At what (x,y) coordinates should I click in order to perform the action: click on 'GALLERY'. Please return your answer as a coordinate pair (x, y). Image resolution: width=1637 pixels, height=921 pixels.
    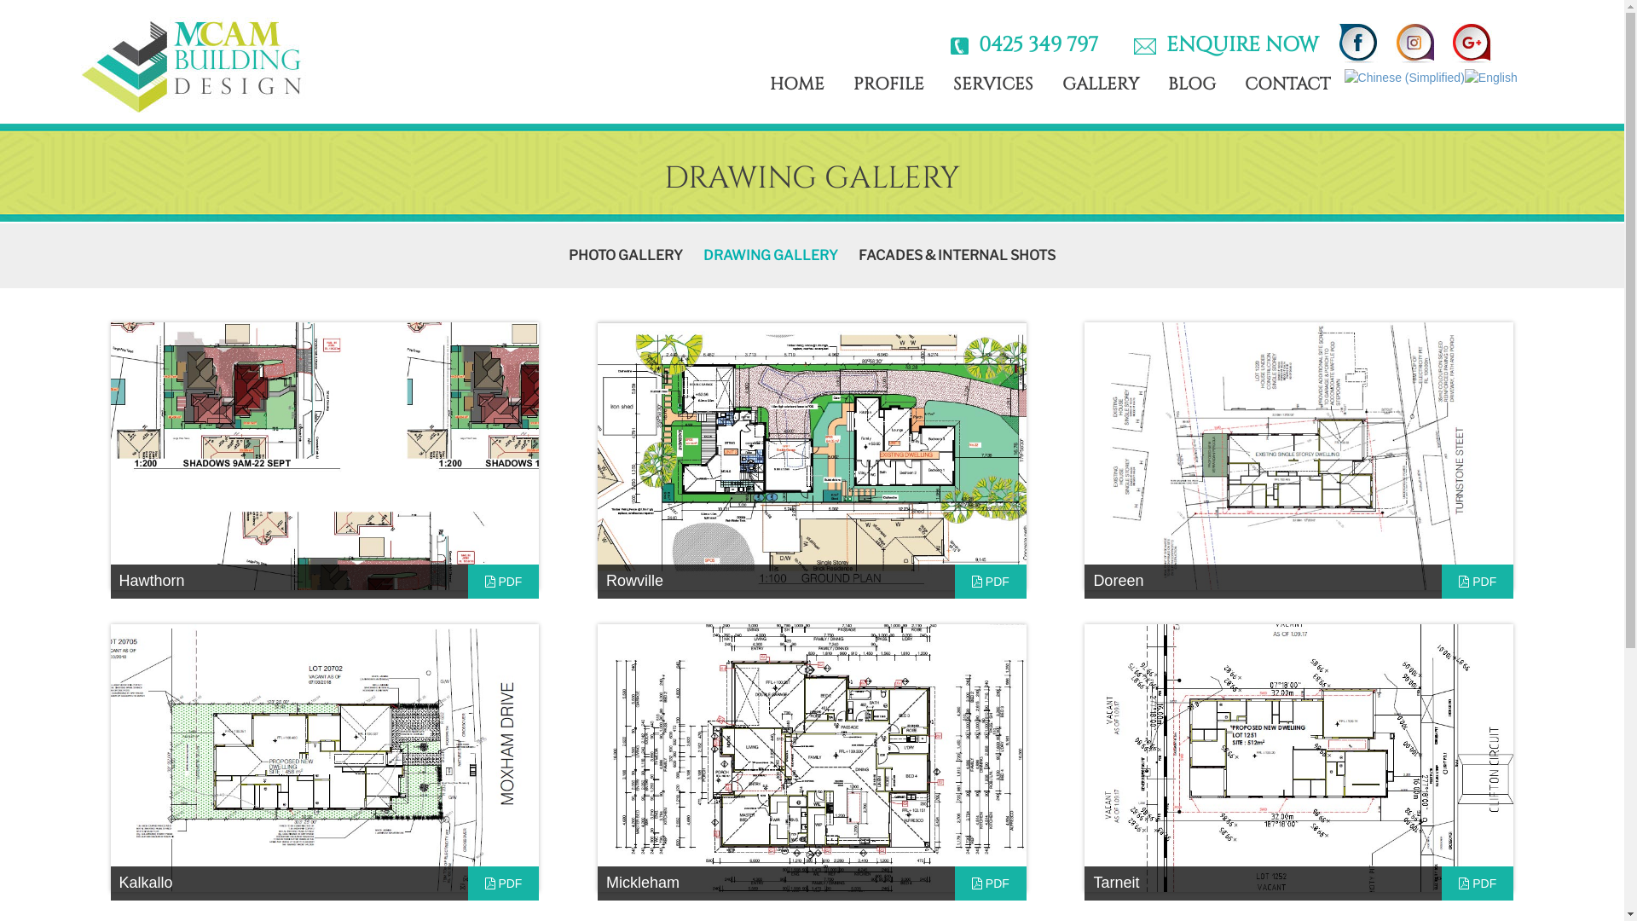
    Looking at the image, I should click on (1101, 84).